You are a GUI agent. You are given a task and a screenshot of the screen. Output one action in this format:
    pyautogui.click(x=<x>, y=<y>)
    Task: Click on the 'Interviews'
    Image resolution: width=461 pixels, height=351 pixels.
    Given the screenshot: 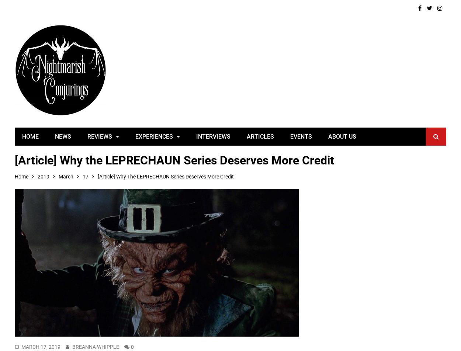 What is the action you would take?
    pyautogui.click(x=213, y=136)
    